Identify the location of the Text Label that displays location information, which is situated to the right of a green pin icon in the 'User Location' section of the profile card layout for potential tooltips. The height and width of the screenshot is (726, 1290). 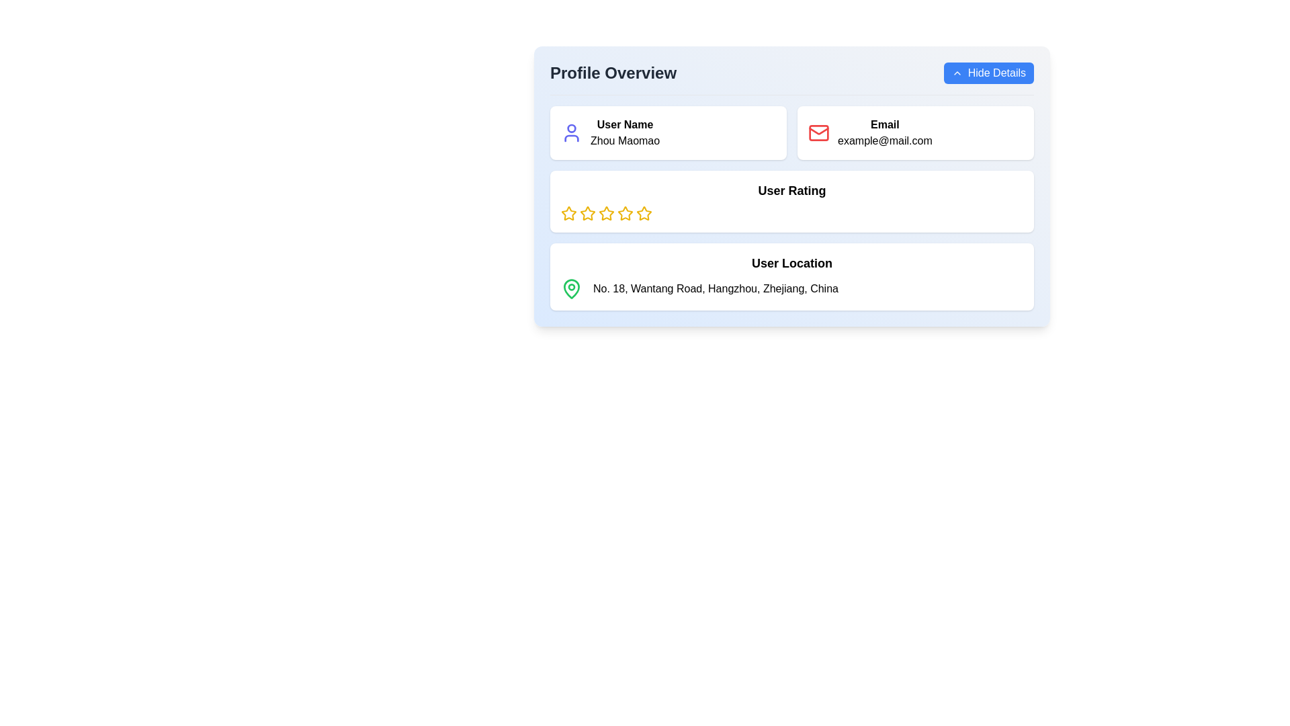
(715, 288).